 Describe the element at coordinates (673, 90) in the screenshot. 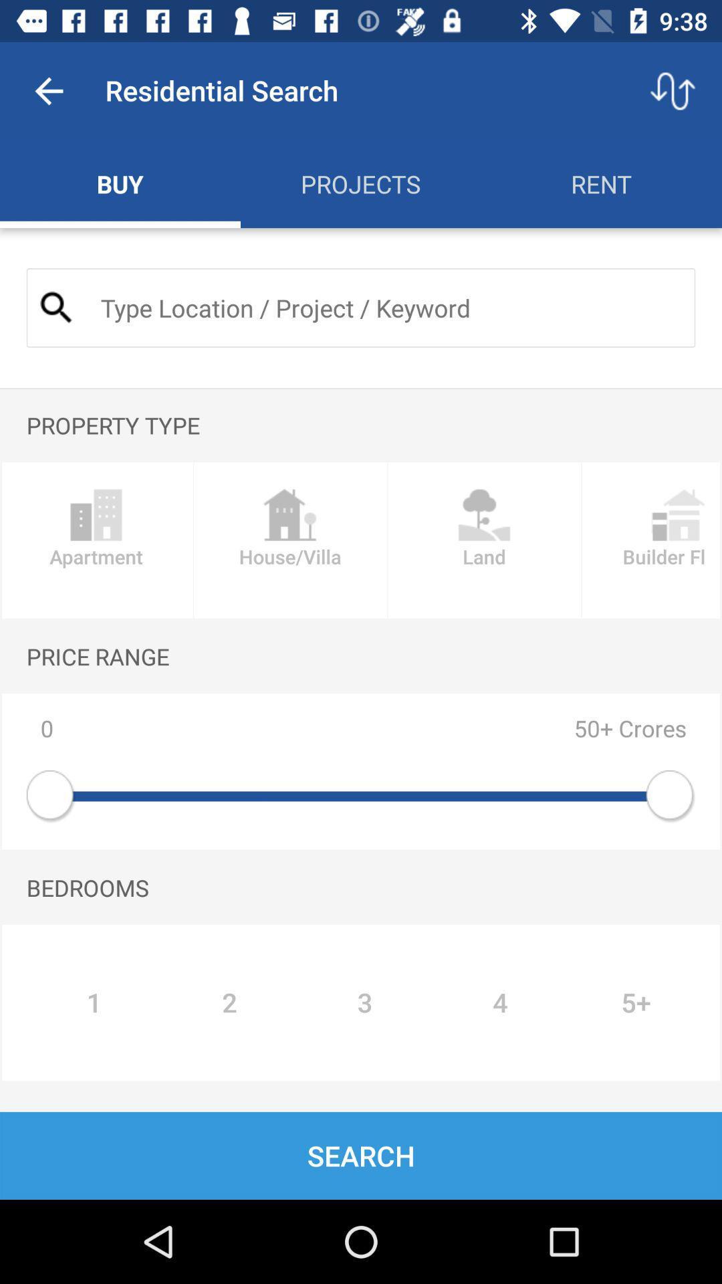

I see `the item next to residential search	 item` at that location.